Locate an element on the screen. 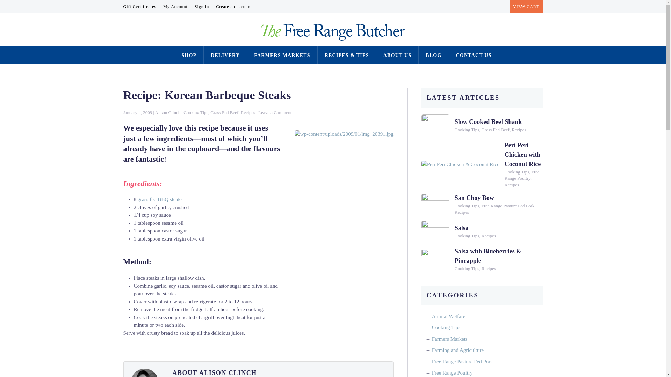 The height and width of the screenshot is (377, 671). 'Sign in' is located at coordinates (201, 7).